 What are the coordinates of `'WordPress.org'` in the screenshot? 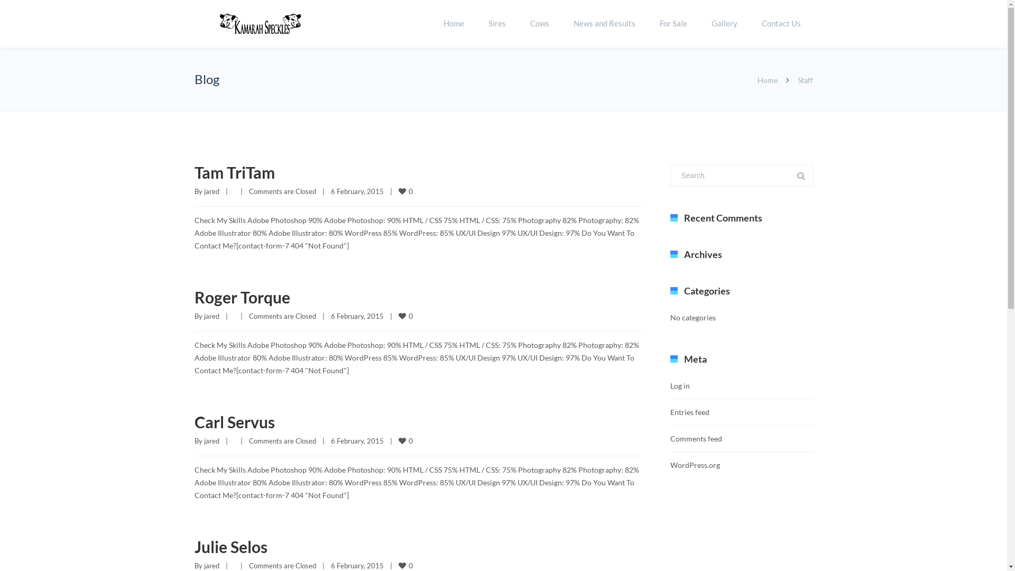 It's located at (669, 464).